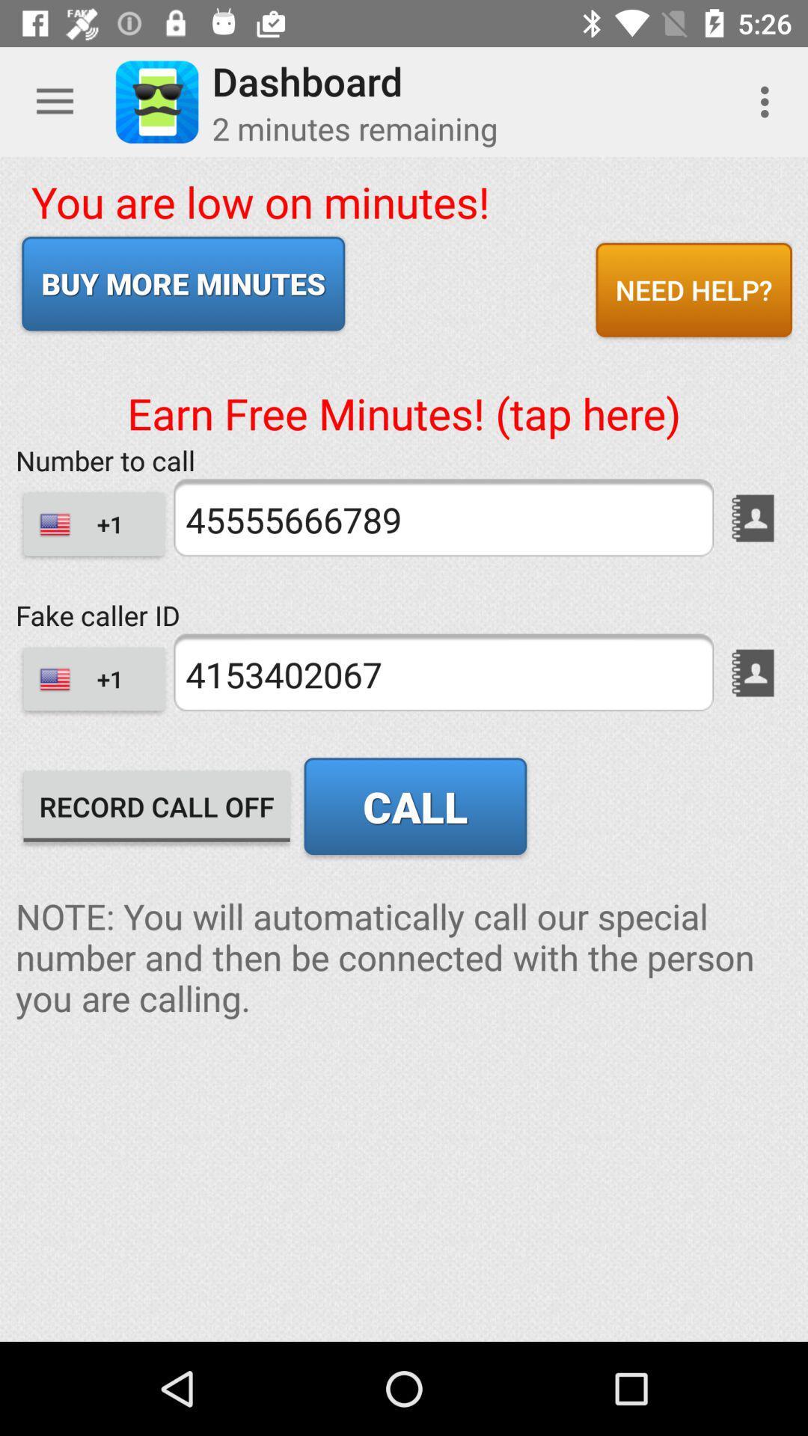  What do you see at coordinates (156, 806) in the screenshot?
I see `item to the left of call icon` at bounding box center [156, 806].